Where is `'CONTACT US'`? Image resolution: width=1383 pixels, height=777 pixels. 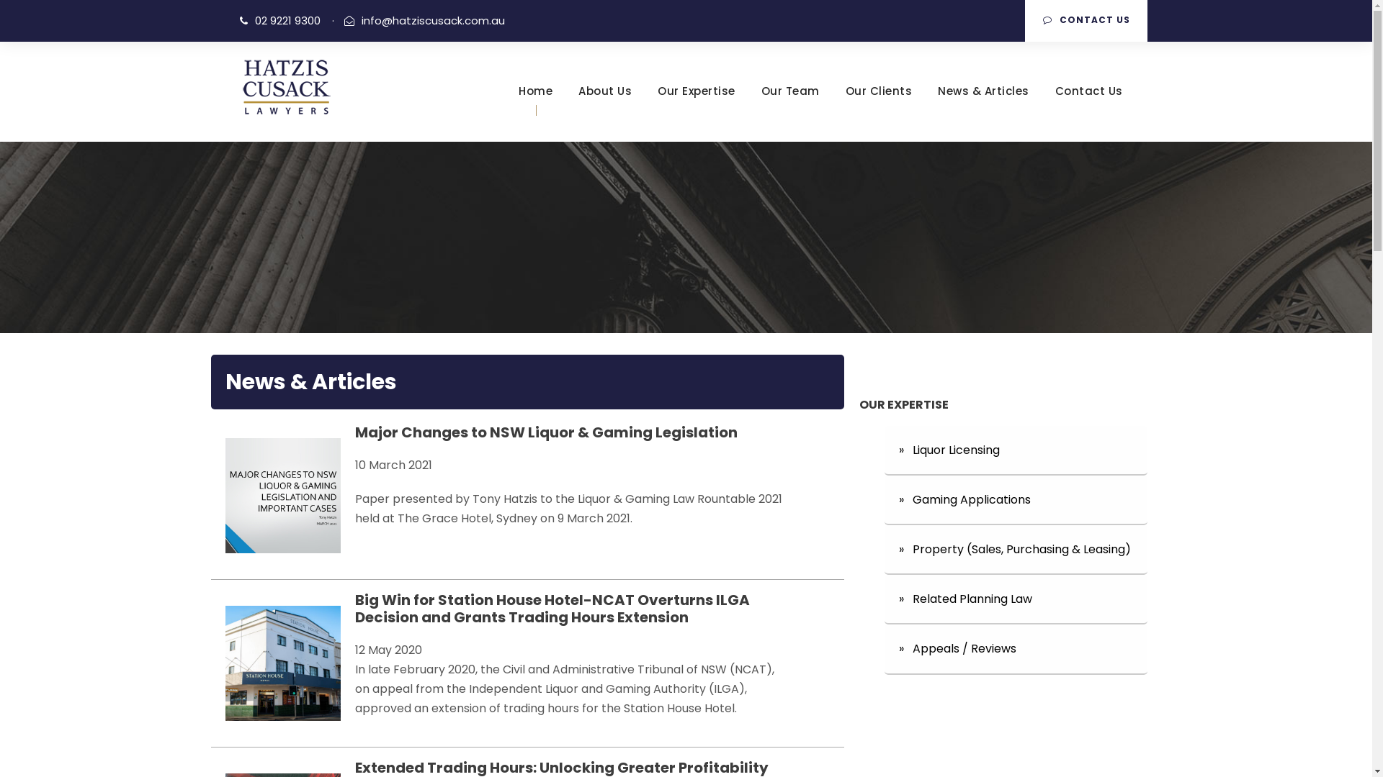
'CONTACT US' is located at coordinates (1086, 21).